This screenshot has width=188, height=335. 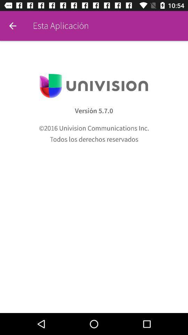 What do you see at coordinates (94, 111) in the screenshot?
I see `the icon above 2016 univision communications` at bounding box center [94, 111].